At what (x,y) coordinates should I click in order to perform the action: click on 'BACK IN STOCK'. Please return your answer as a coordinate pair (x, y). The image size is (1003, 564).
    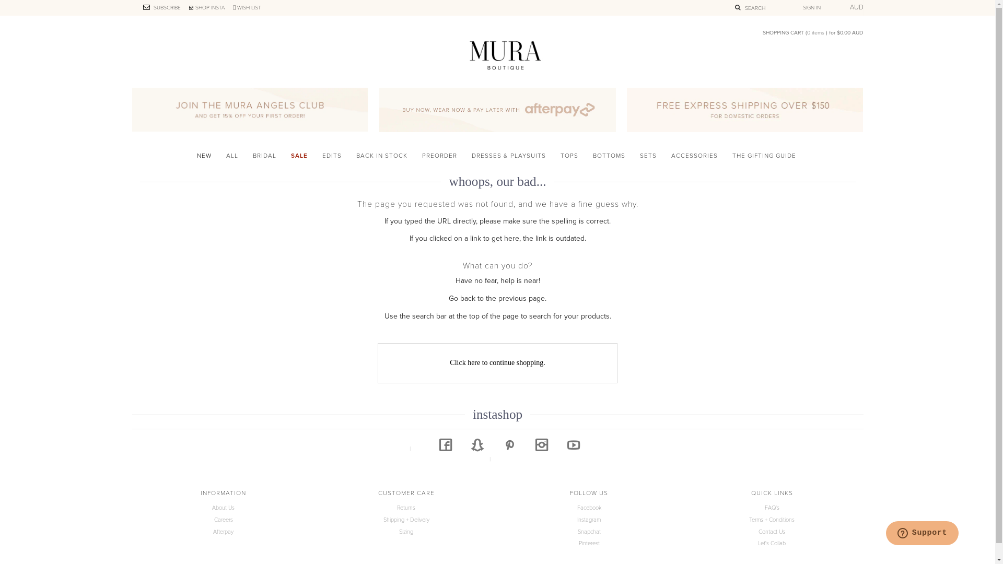
    Looking at the image, I should click on (381, 156).